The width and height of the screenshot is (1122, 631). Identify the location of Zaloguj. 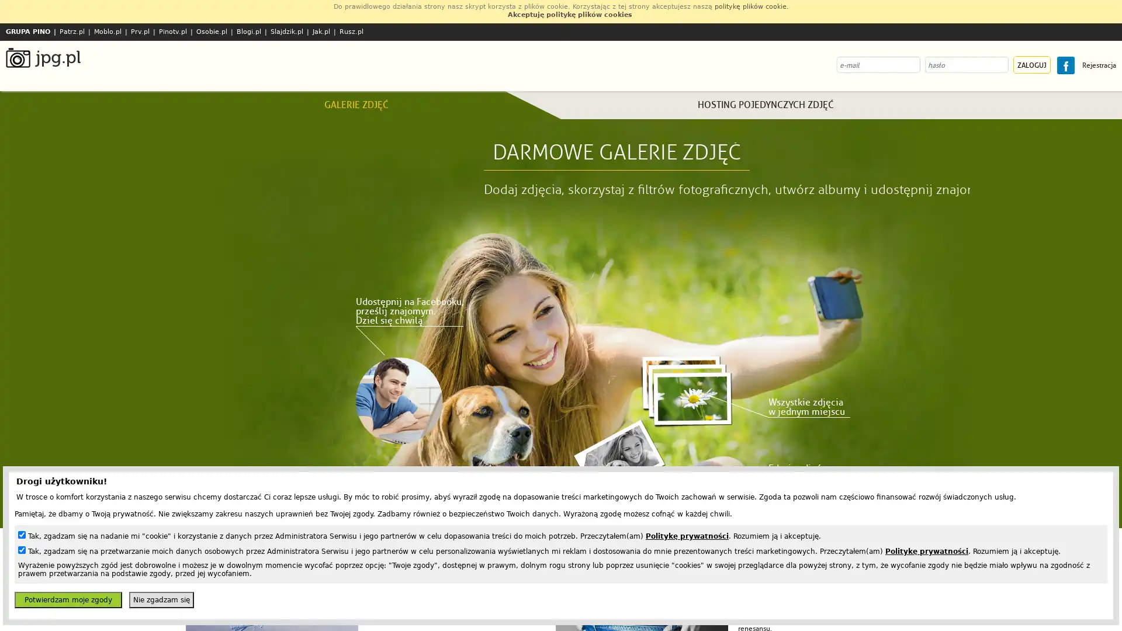
(1032, 65).